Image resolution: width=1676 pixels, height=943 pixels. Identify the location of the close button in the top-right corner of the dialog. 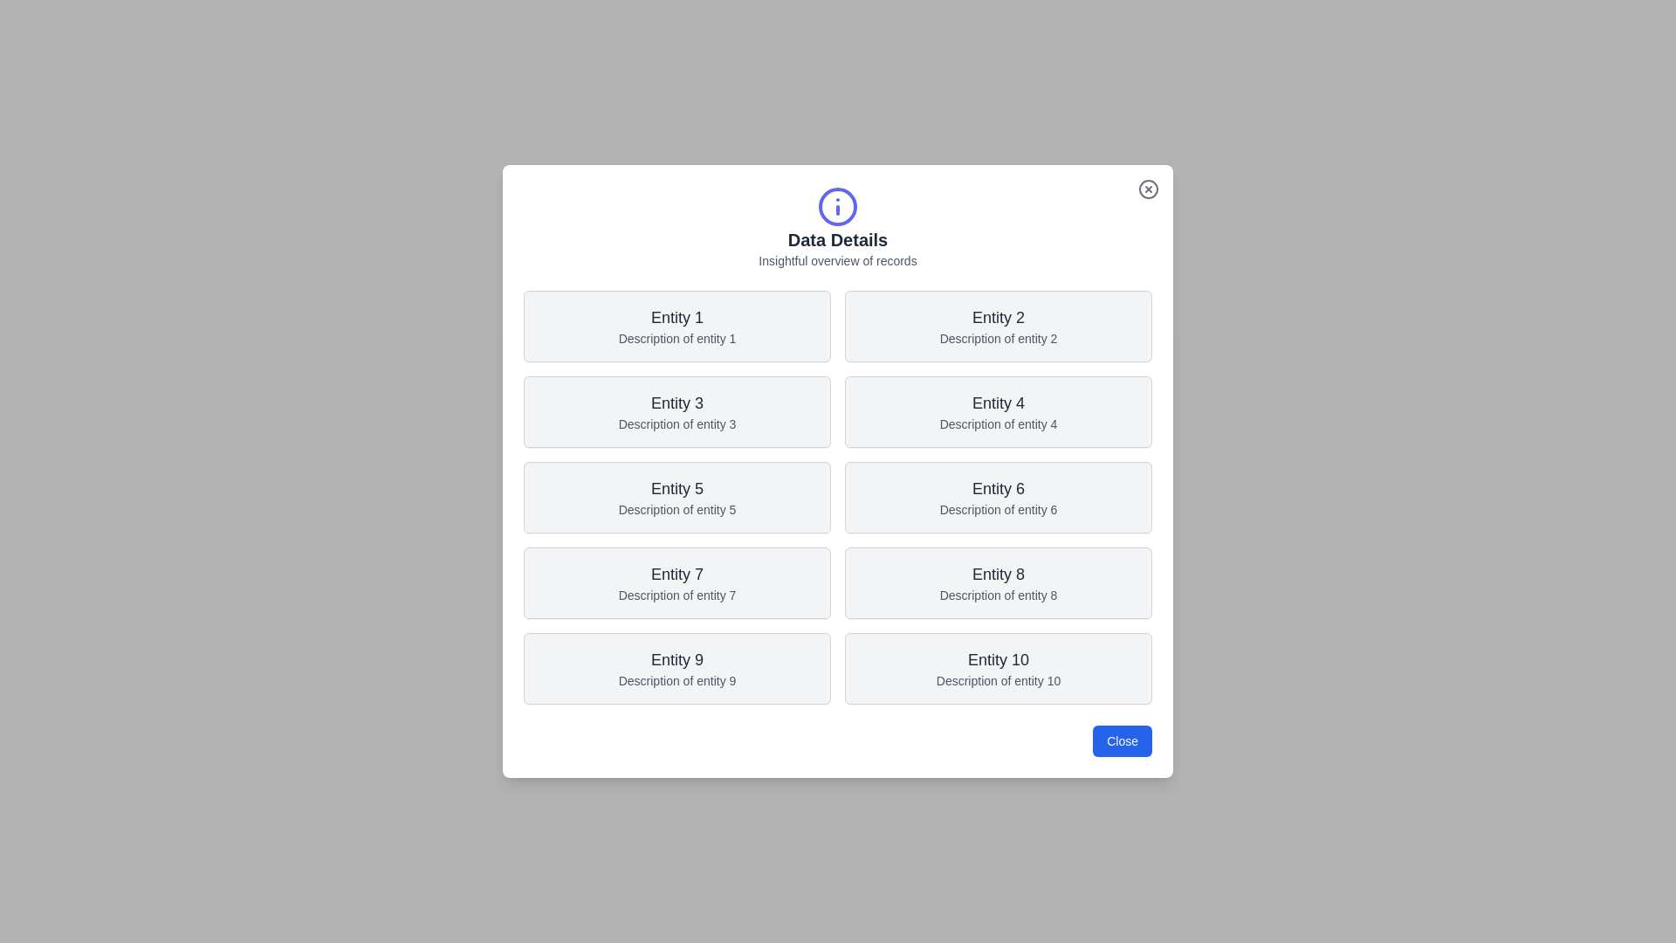
(1148, 189).